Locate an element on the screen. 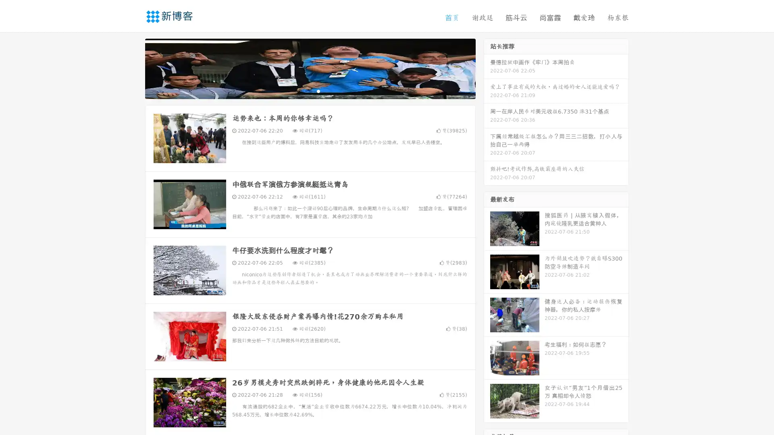  Go to slide 1 is located at coordinates (302, 91).